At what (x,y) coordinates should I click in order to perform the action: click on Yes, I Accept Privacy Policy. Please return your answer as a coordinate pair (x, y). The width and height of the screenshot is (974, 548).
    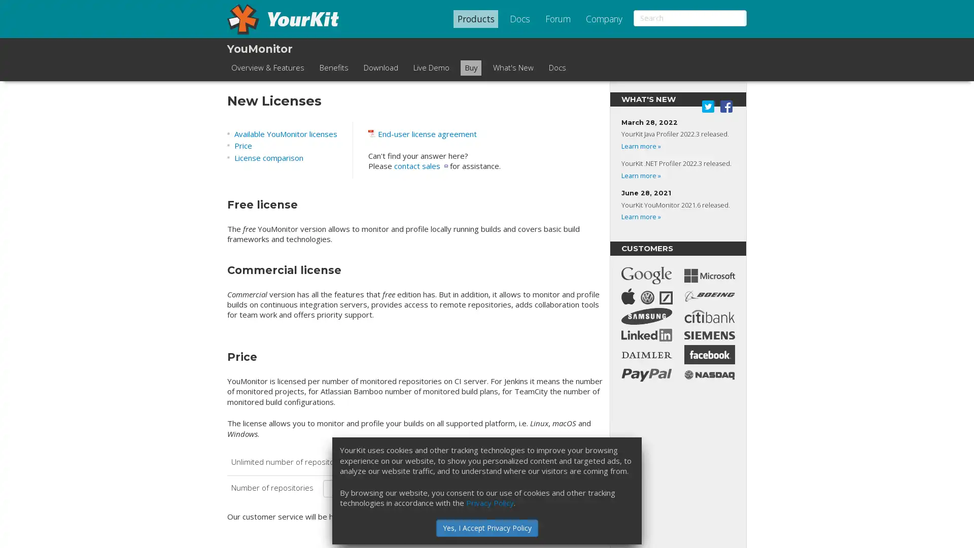
    Looking at the image, I should click on (486, 527).